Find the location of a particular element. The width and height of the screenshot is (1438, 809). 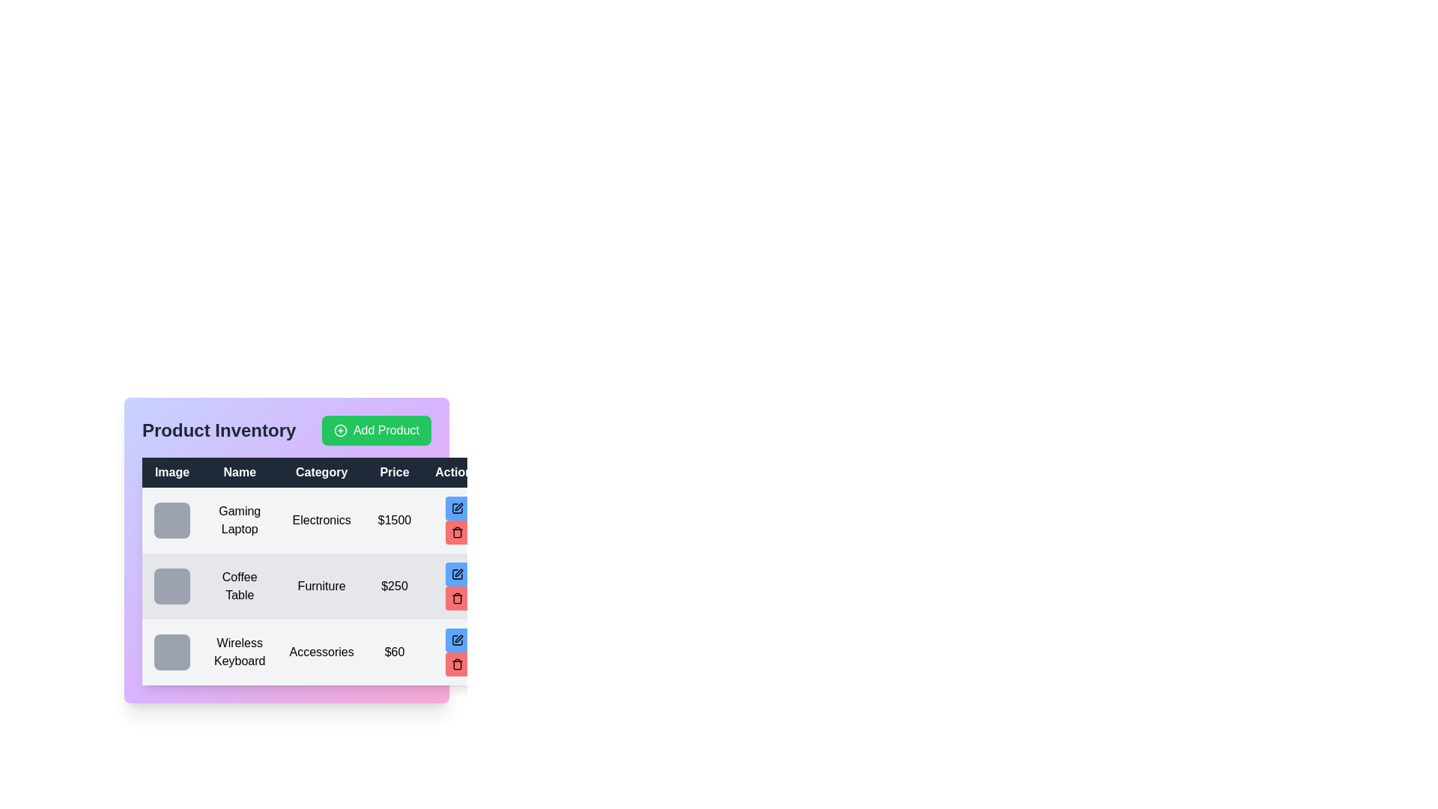

the edit icon resembling a pen inside a square located in the 'Actions' column of the second row of the product inventory table to initiate editing for the product is located at coordinates (458, 572).